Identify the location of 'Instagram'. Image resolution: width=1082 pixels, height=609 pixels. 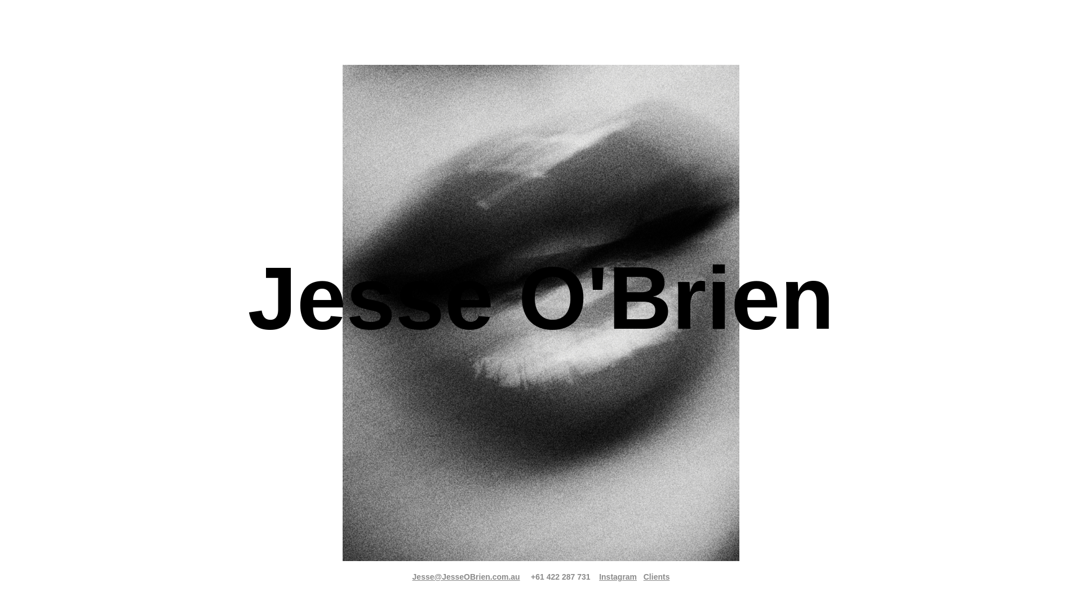
(617, 576).